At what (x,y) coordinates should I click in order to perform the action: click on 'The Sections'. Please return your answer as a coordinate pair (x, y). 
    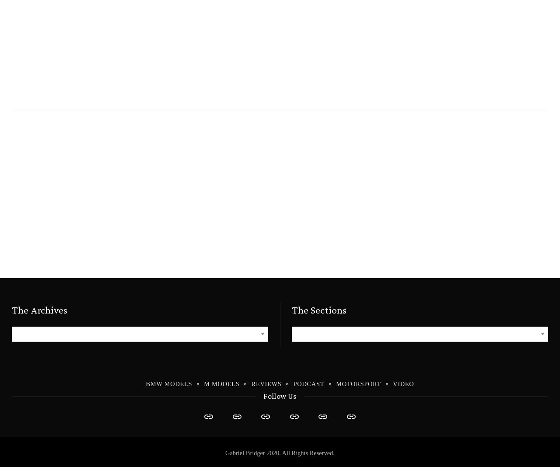
    Looking at the image, I should click on (318, 310).